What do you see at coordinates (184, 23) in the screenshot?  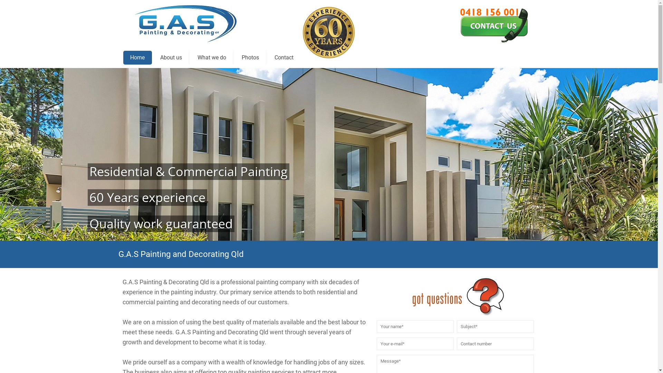 I see `'G.A.S Painting & Decorating Qld'` at bounding box center [184, 23].